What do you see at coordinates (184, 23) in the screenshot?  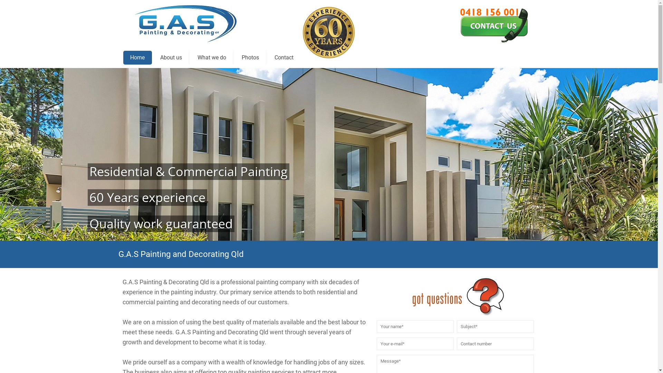 I see `'G.A.S Painting & Decorating Qld'` at bounding box center [184, 23].